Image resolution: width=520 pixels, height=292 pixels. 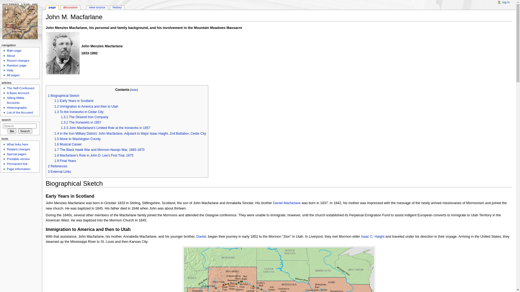 I want to click on 'Page information', so click(x=18, y=168).